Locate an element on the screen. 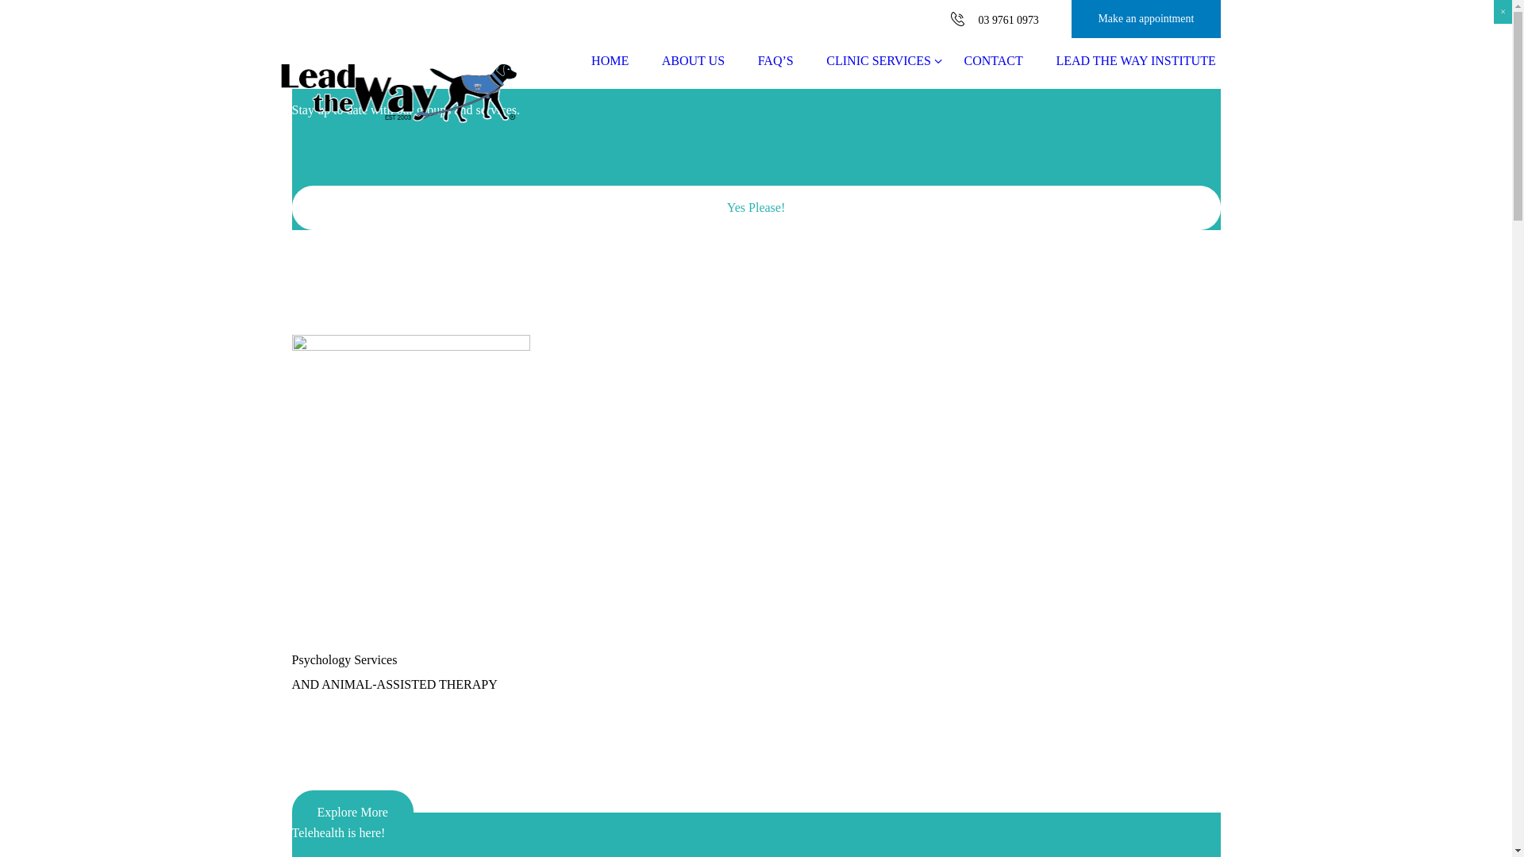 This screenshot has width=1524, height=857. 'Yes Please!' is located at coordinates (756, 207).